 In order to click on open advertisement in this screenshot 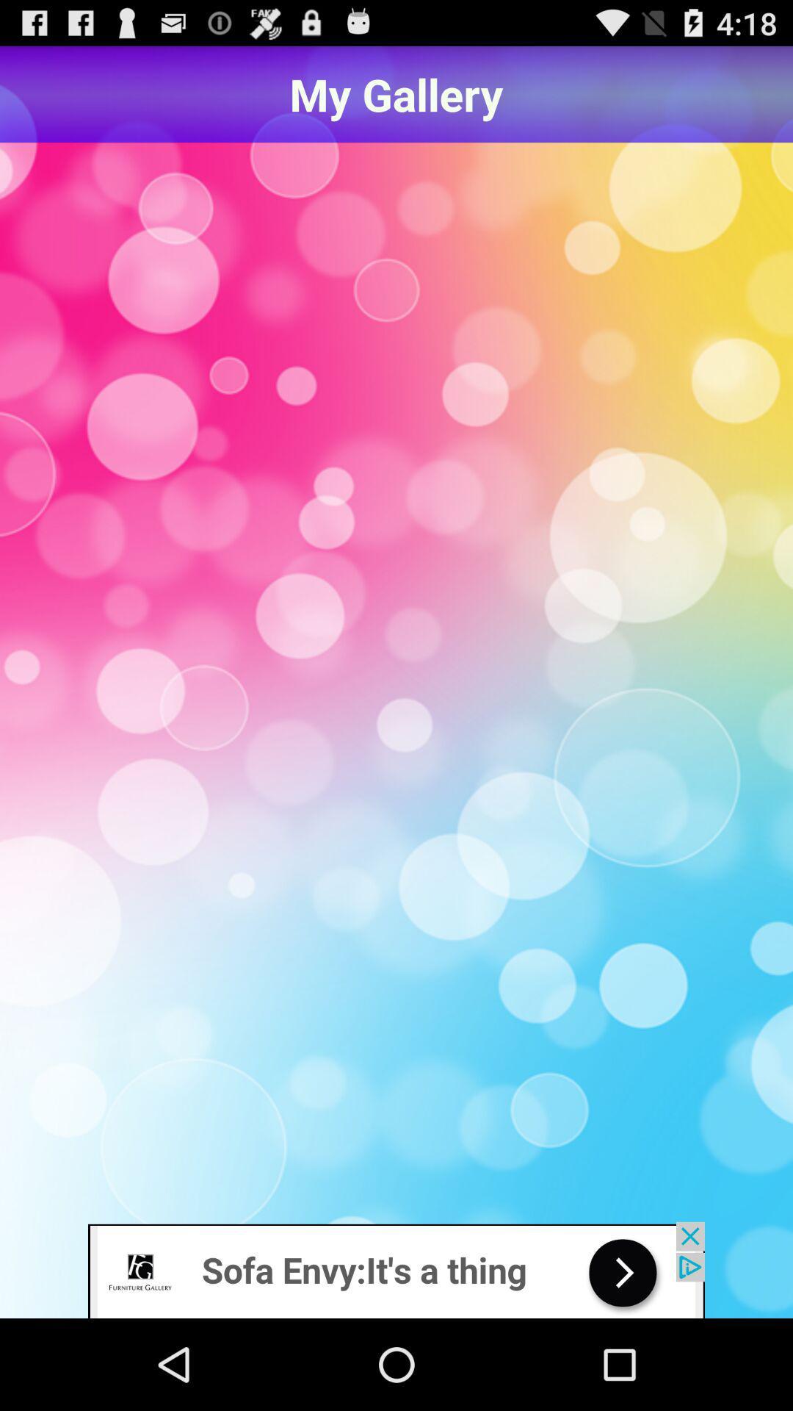, I will do `click(396, 1269)`.